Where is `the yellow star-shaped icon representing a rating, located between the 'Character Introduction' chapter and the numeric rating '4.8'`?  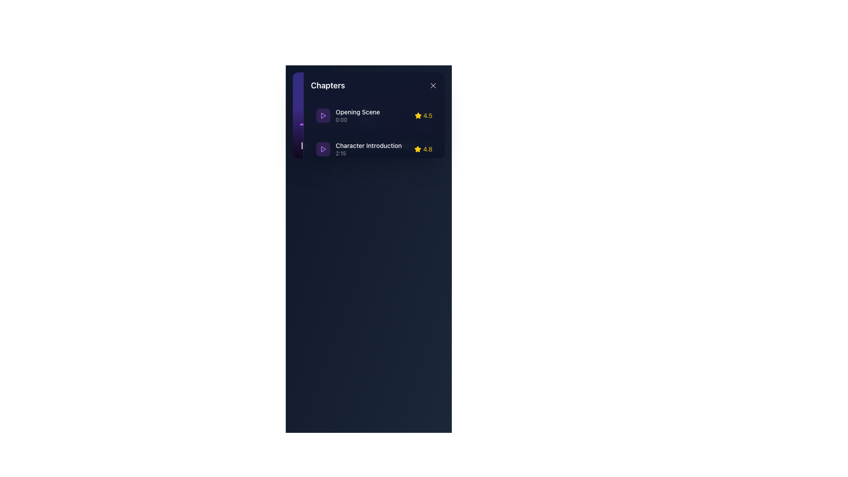 the yellow star-shaped icon representing a rating, located between the 'Character Introduction' chapter and the numeric rating '4.8' is located at coordinates (417, 149).